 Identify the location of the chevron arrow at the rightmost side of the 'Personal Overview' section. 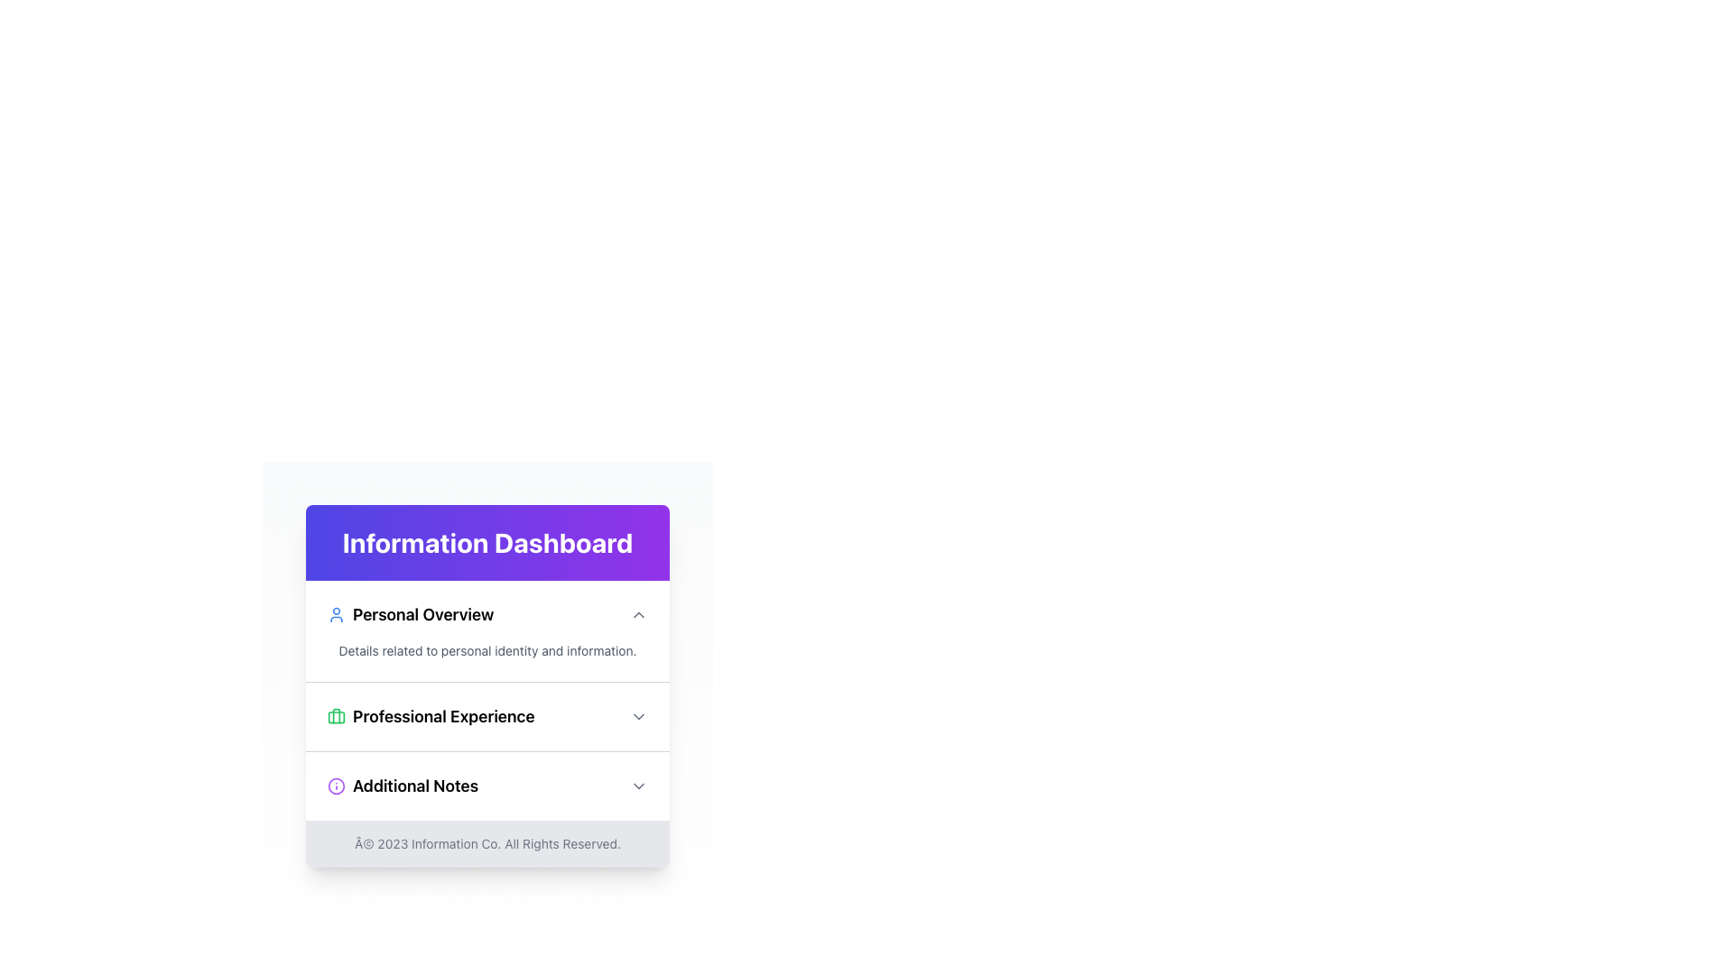
(639, 614).